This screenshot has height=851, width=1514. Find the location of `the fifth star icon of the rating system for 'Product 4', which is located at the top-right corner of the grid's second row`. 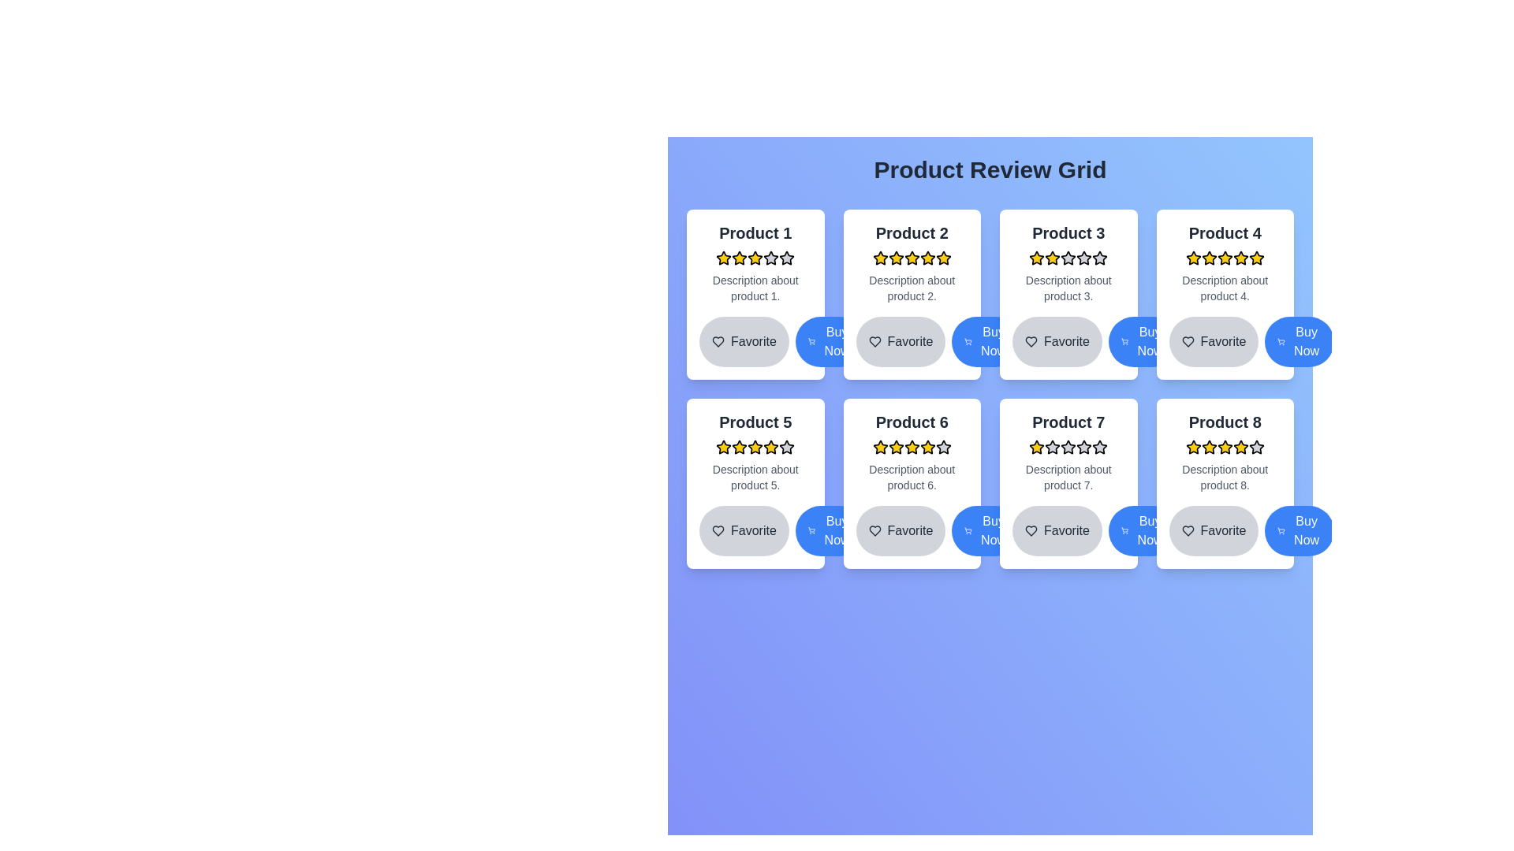

the fifth star icon of the rating system for 'Product 4', which is located at the top-right corner of the grid's second row is located at coordinates (1255, 257).